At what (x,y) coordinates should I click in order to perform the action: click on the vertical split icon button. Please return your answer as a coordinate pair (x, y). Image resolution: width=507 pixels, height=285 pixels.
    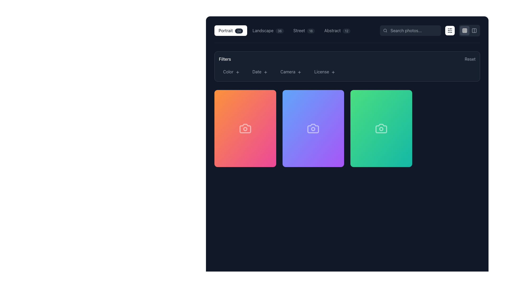
    Looking at the image, I should click on (474, 30).